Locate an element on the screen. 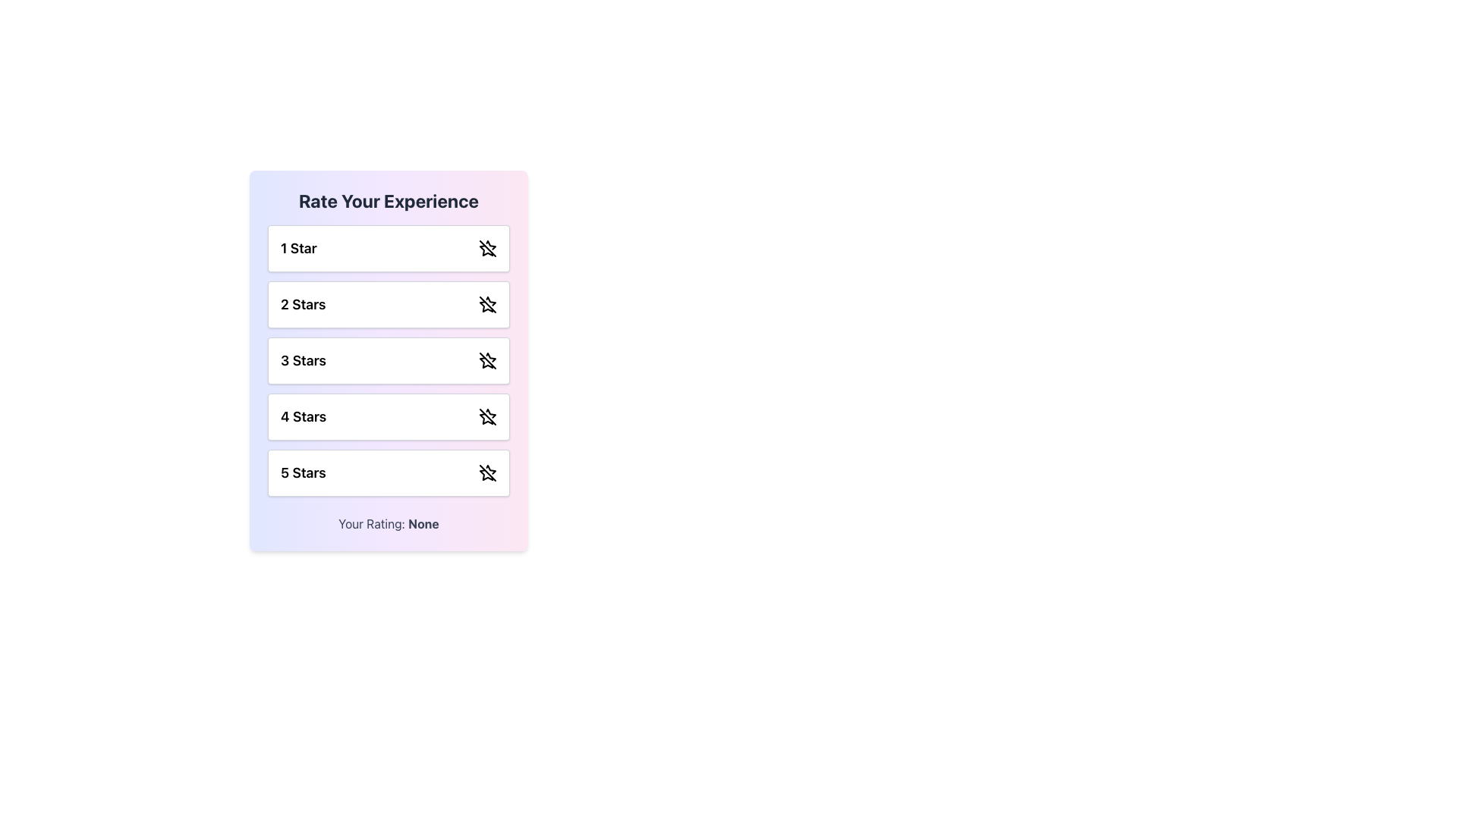  the star-shaped icon graphic with a crossed-out design, which is the central subcomponent of the fourth rating option labeled '4 Stars' is located at coordinates (486, 419).